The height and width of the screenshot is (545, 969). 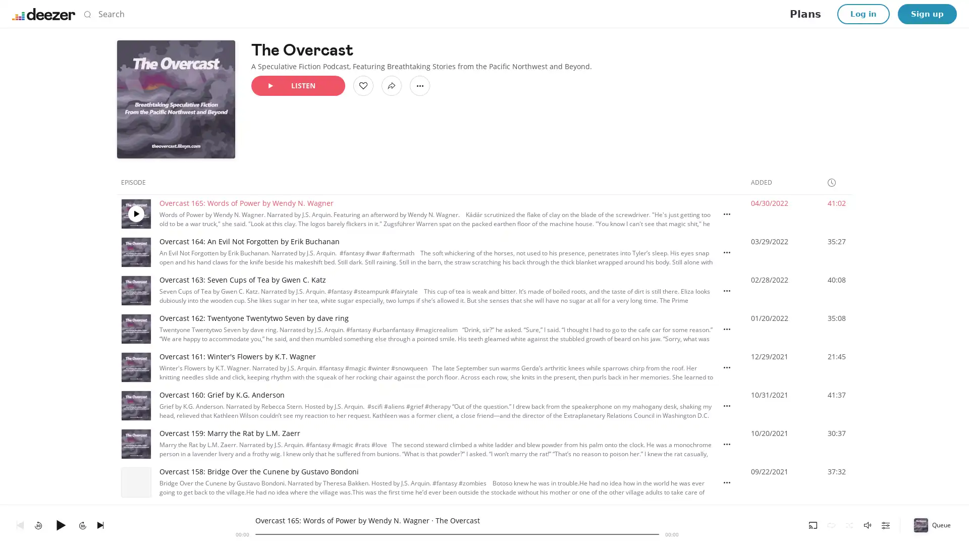 What do you see at coordinates (933, 524) in the screenshot?
I see `Queue` at bounding box center [933, 524].